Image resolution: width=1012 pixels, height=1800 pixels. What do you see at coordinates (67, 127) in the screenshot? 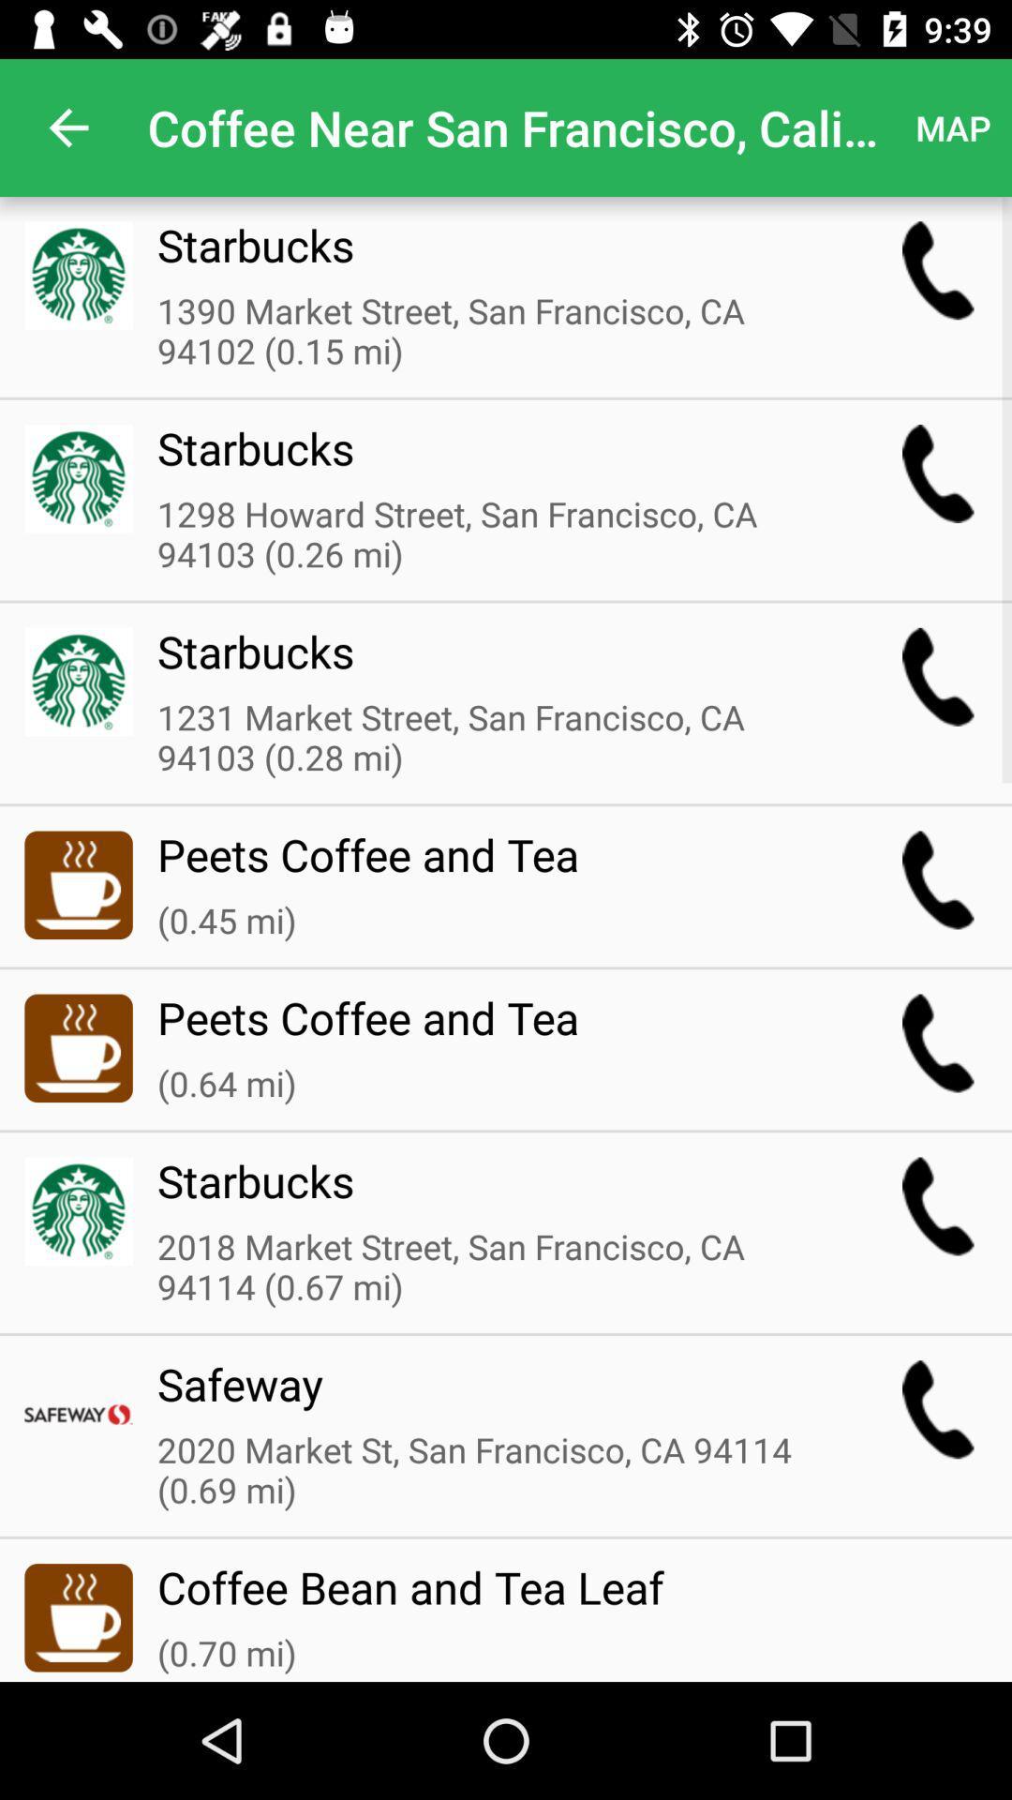
I see `the app next to the coffee near san` at bounding box center [67, 127].